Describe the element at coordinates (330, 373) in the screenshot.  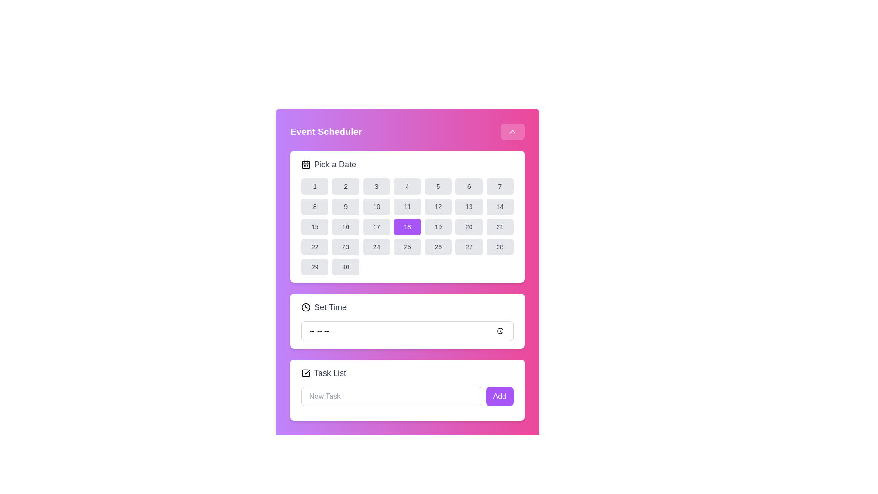
I see `the 'Task List' label, which is a gray text label with medium font weight located in the task management section above the 'New Task' input field` at that location.